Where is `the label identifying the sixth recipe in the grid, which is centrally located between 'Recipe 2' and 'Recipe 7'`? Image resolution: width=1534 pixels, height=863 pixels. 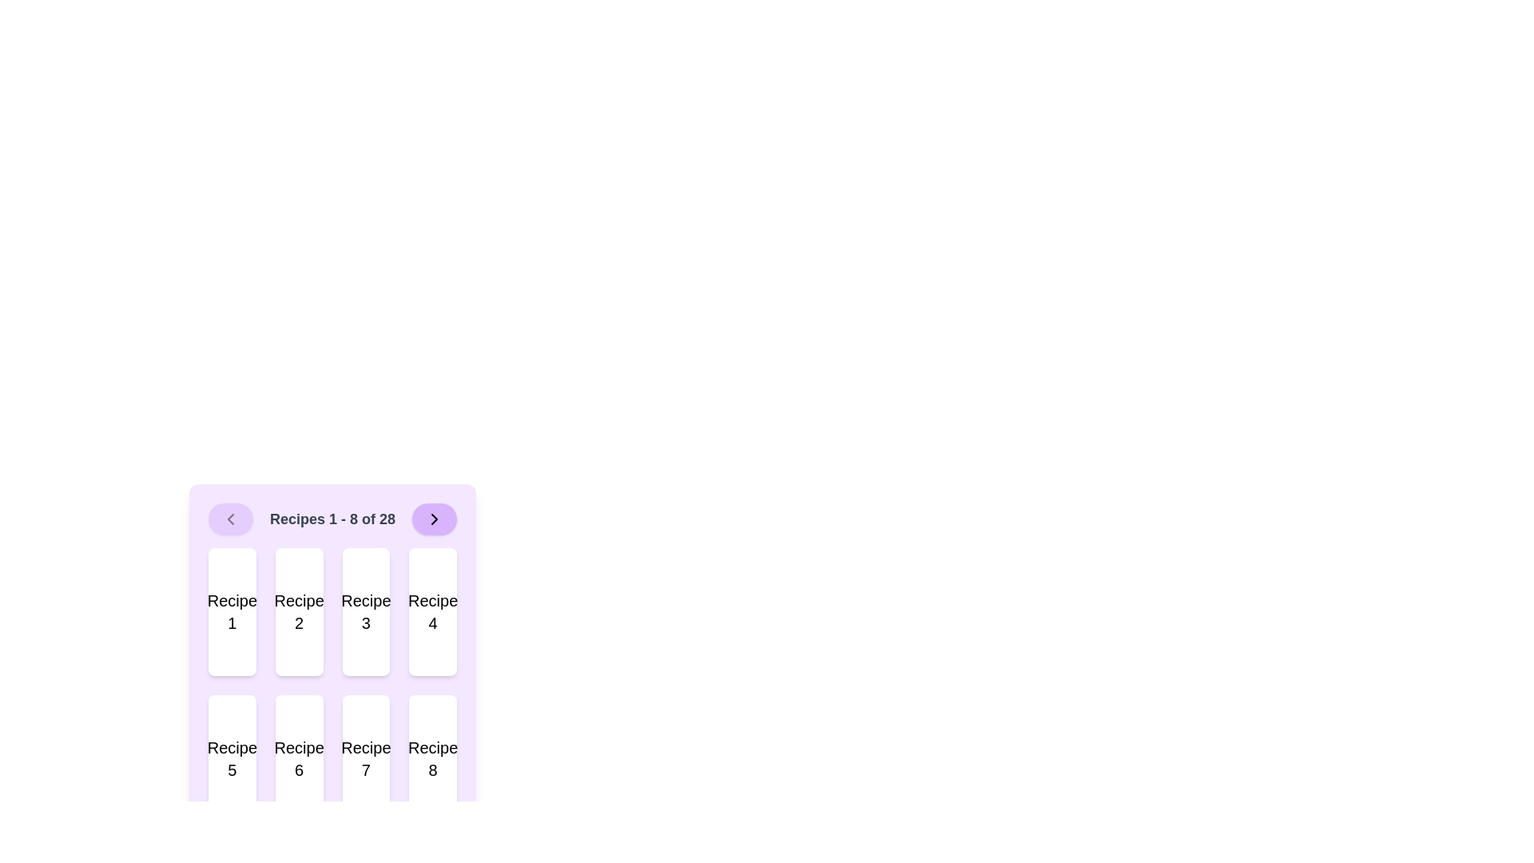
the label identifying the sixth recipe in the grid, which is centrally located between 'Recipe 2' and 'Recipe 7' is located at coordinates (299, 758).